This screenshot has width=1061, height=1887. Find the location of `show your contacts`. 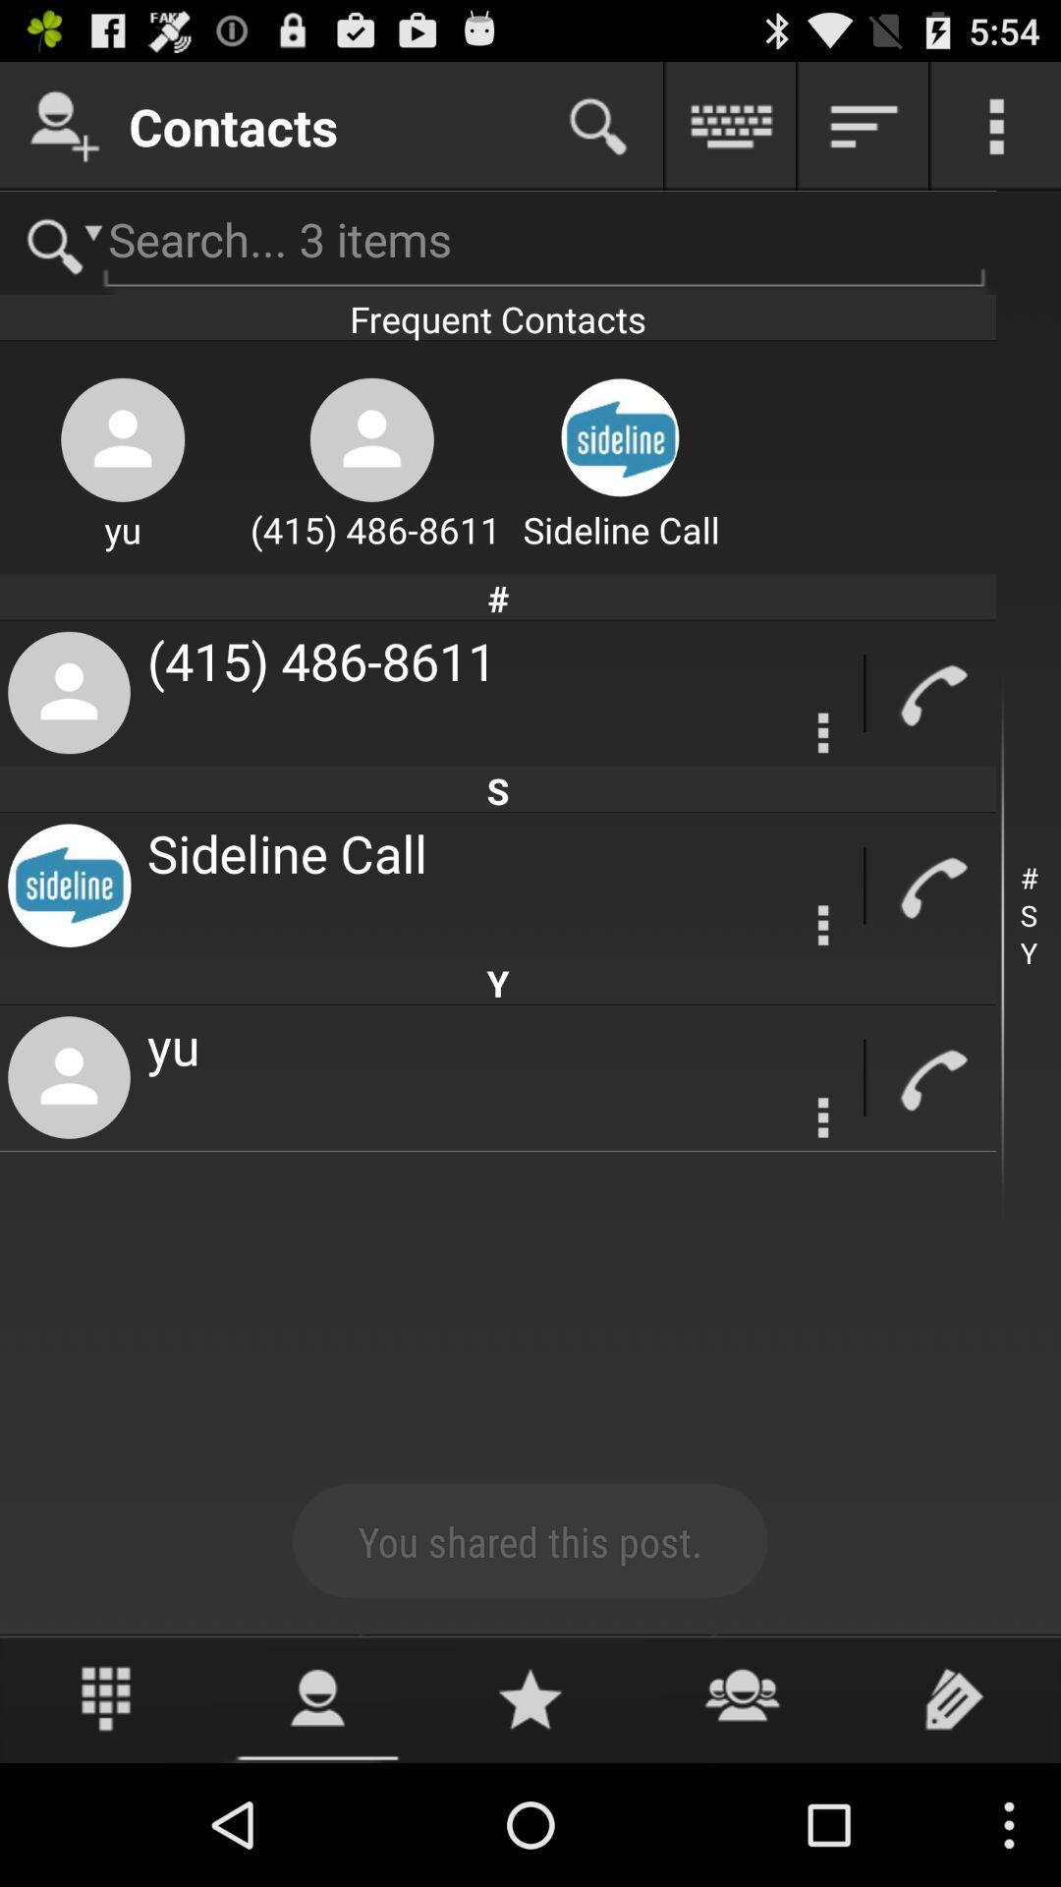

show your contacts is located at coordinates (317, 1697).